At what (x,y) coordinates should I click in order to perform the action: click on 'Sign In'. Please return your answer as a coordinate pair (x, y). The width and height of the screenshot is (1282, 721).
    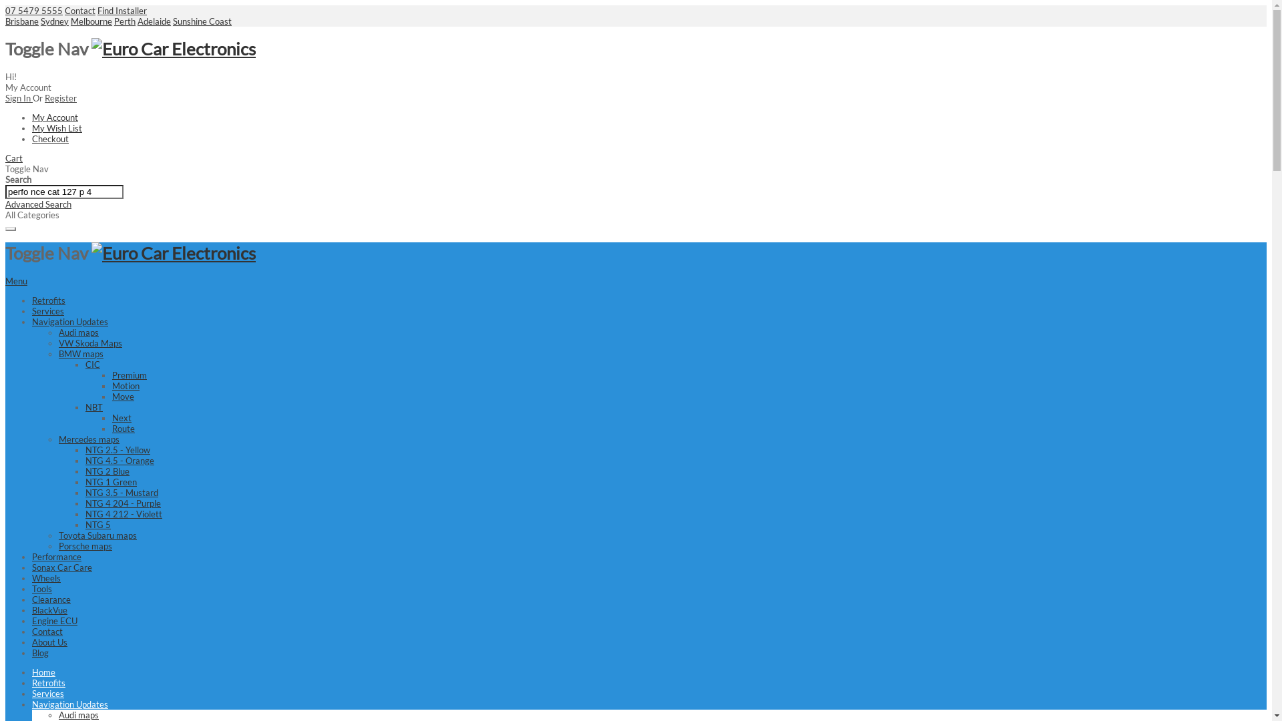
    Looking at the image, I should click on (19, 97).